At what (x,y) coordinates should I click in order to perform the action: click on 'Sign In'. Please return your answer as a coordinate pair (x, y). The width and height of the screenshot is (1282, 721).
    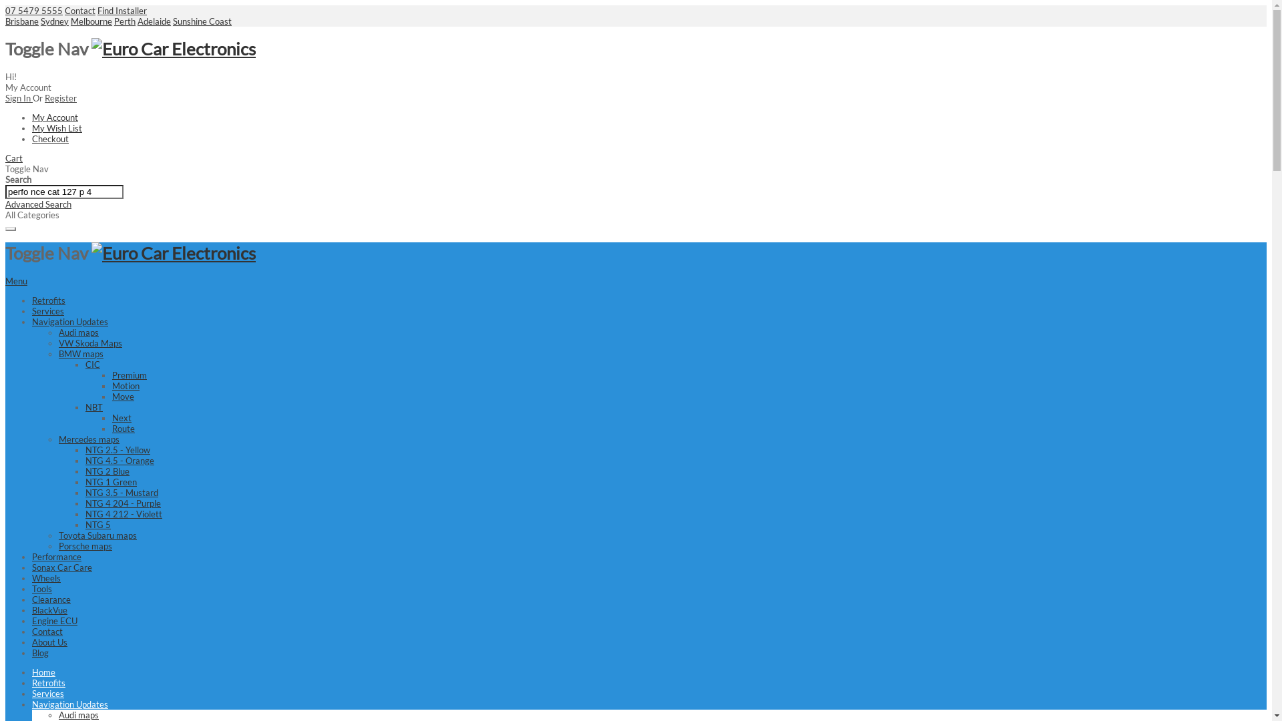
    Looking at the image, I should click on (19, 97).